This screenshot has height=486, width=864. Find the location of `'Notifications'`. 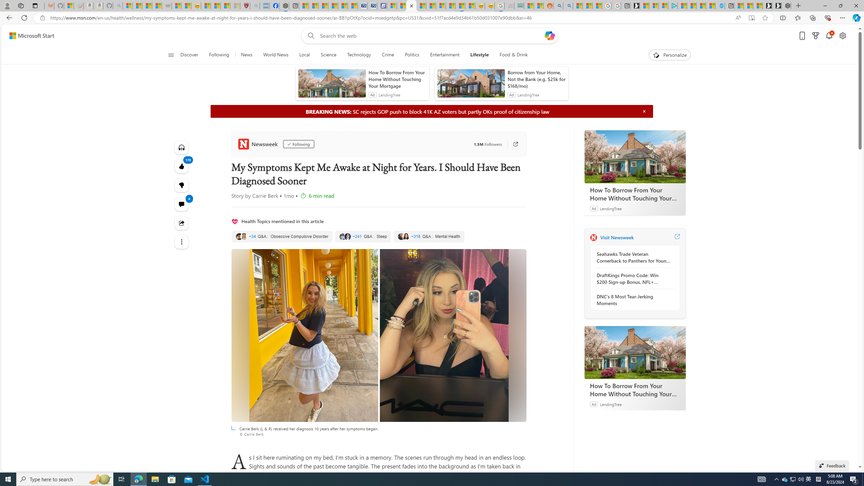

'Notifications' is located at coordinates (829, 36).